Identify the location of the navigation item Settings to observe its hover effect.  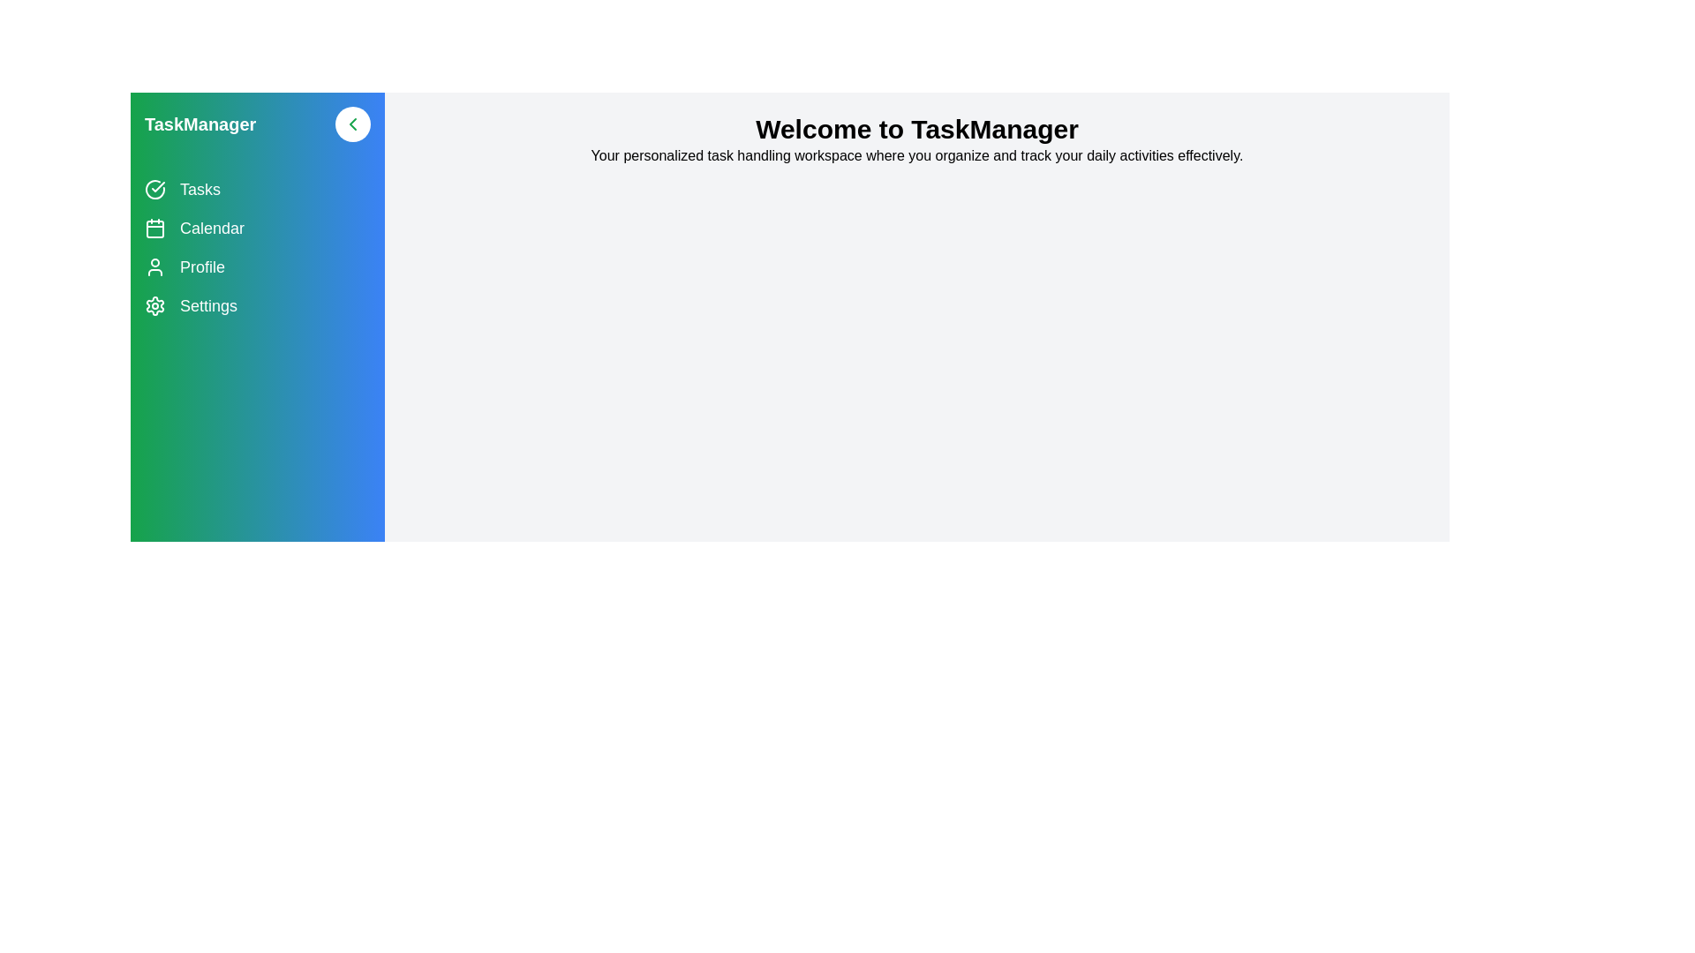
(257, 305).